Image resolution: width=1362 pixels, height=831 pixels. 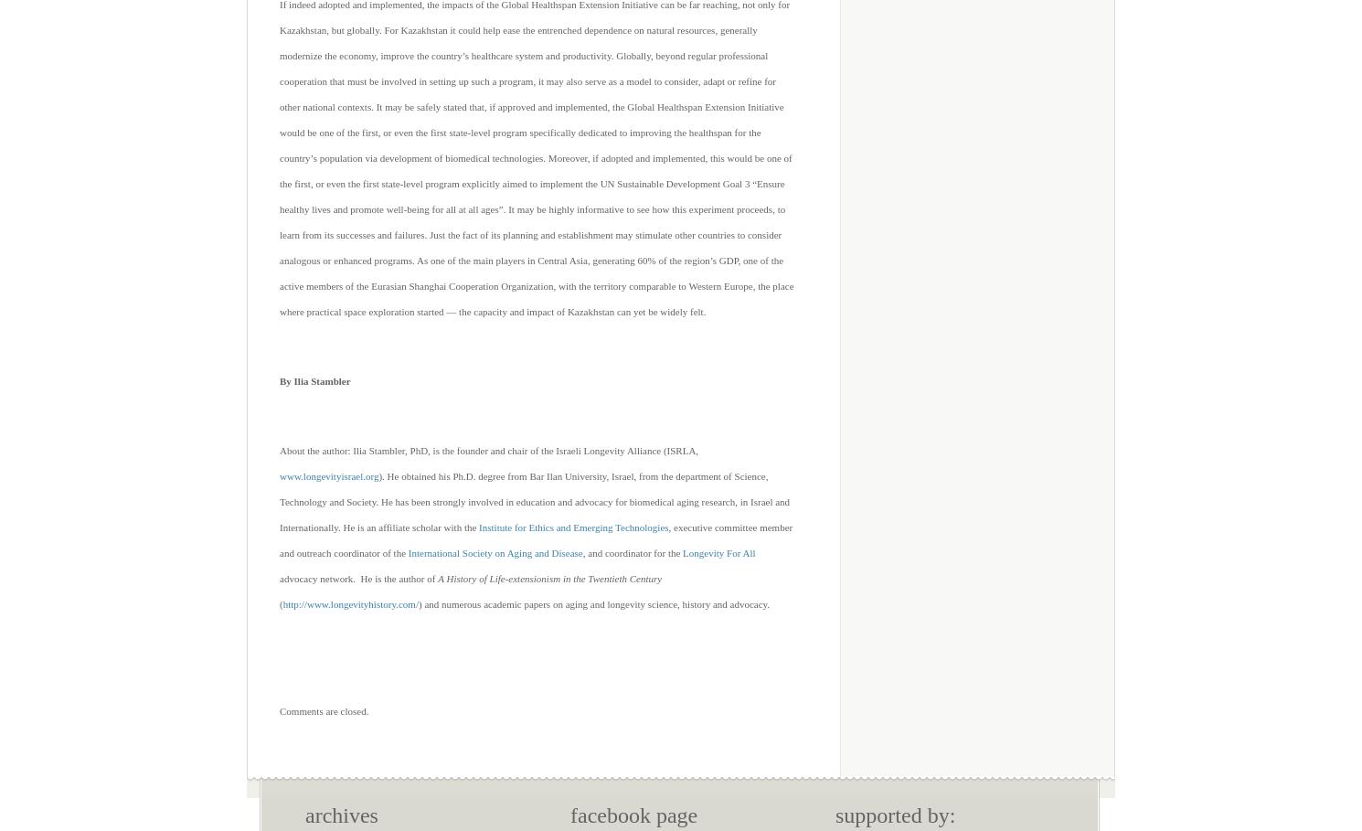 What do you see at coordinates (488, 450) in the screenshot?
I see `'About the author: Ilia Stambler, PhD, is the founder and chair of the Israeli Longevity Alliance (ISRLA,'` at bounding box center [488, 450].